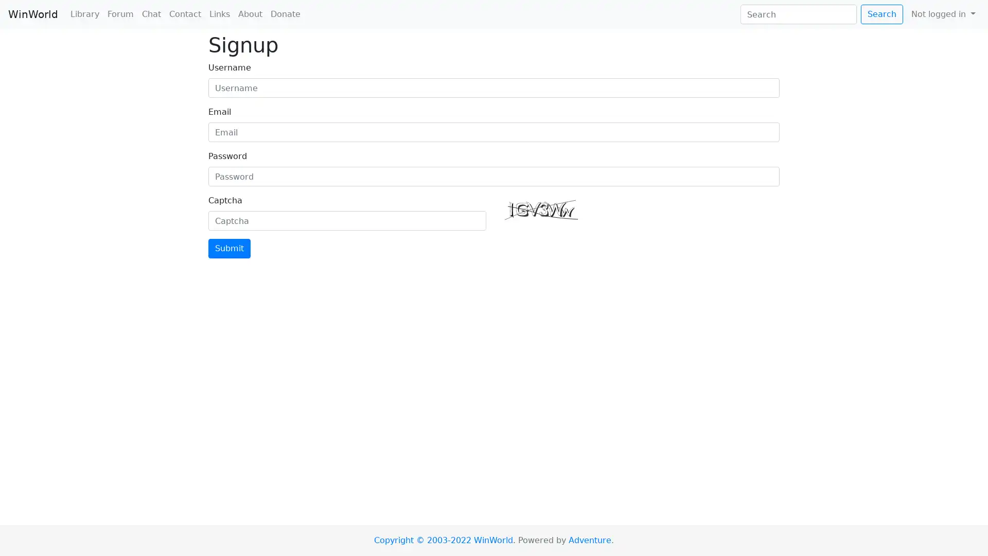  Describe the element at coordinates (229, 248) in the screenshot. I see `Submit` at that location.